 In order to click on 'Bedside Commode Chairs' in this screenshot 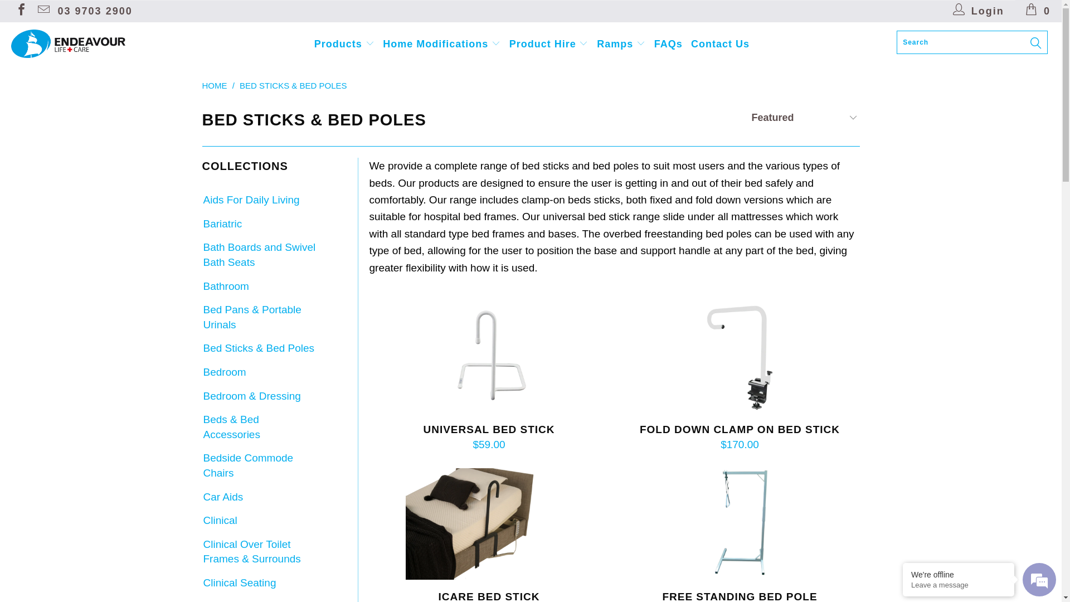, I will do `click(259, 465)`.